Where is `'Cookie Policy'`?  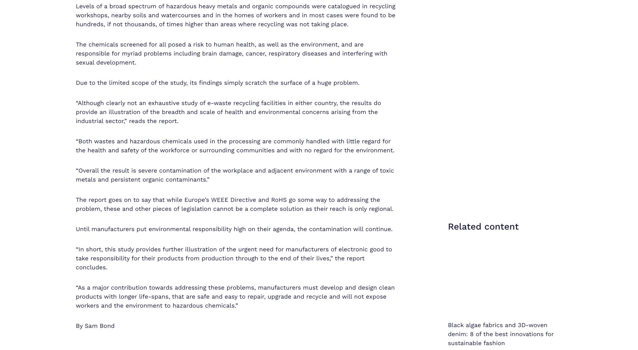
'Cookie Policy' is located at coordinates (509, 314).